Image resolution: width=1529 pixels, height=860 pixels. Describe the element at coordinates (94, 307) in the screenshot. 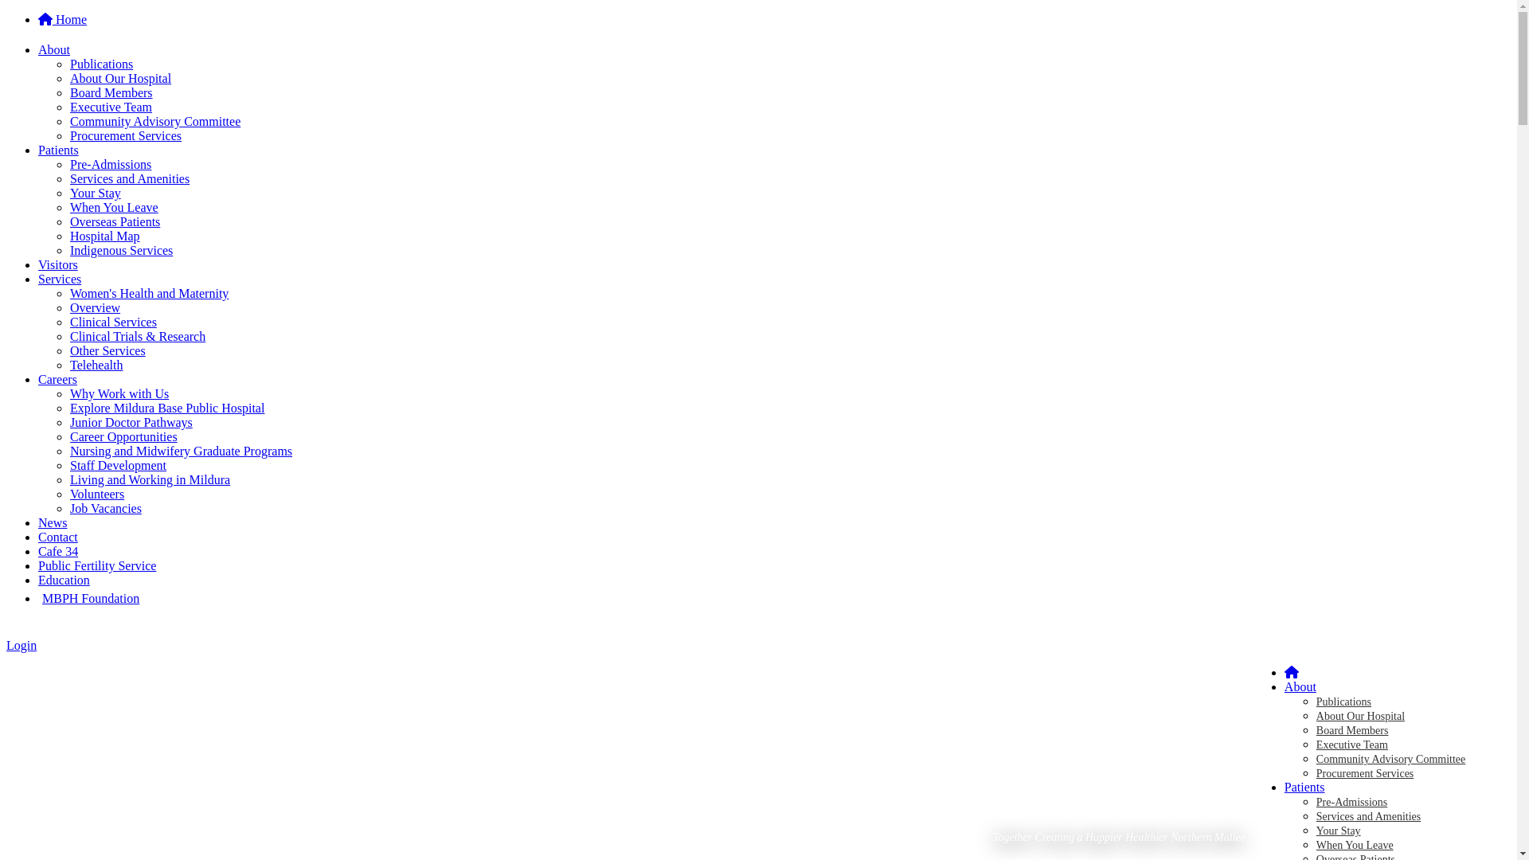

I see `'Overview'` at that location.